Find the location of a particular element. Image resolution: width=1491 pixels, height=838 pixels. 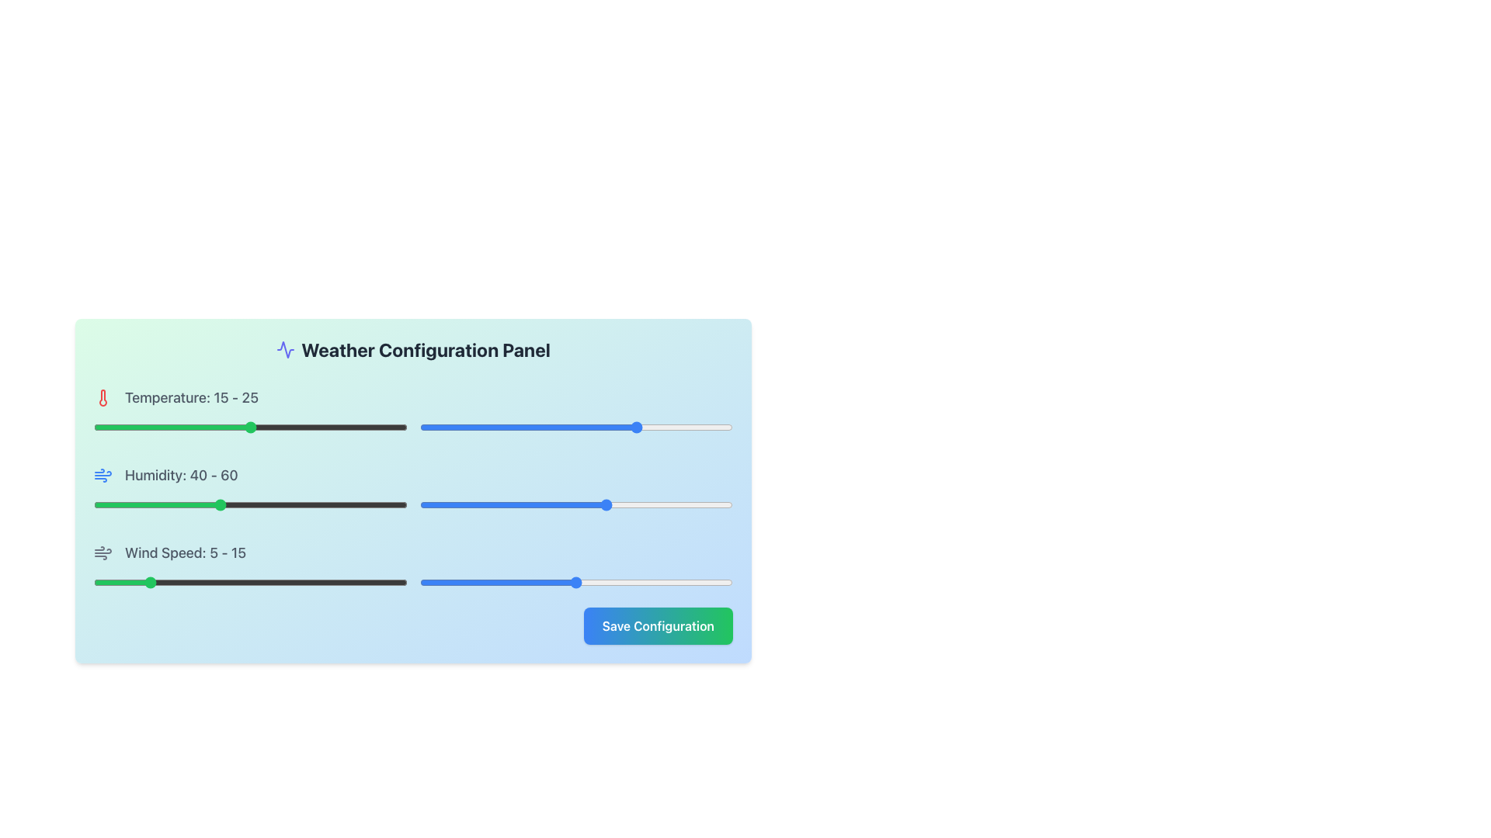

the start value of the wind speed range is located at coordinates (282, 583).